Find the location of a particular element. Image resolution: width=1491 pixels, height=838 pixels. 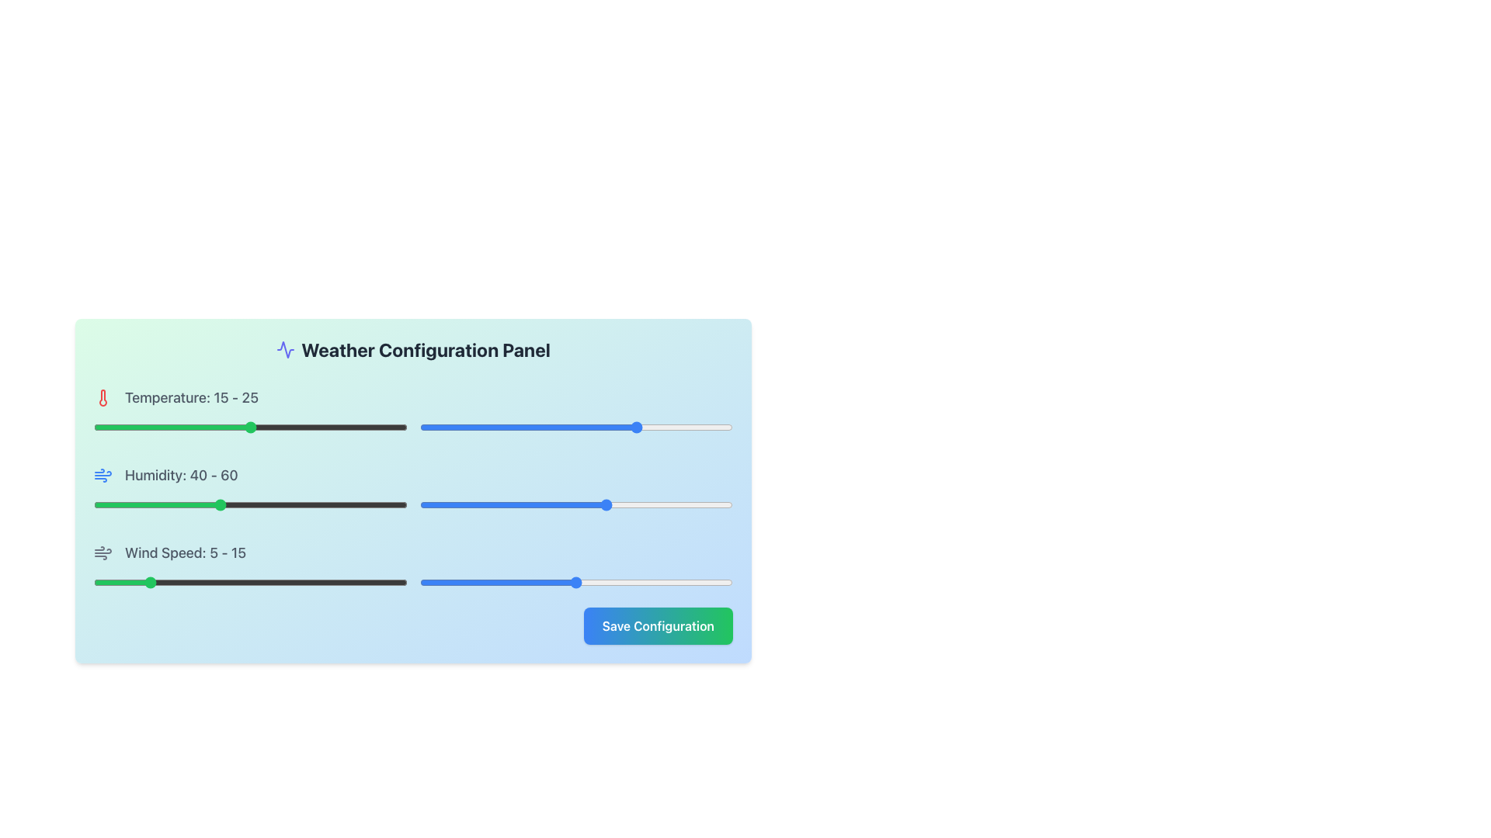

the start value of the wind speed range is located at coordinates (282, 583).